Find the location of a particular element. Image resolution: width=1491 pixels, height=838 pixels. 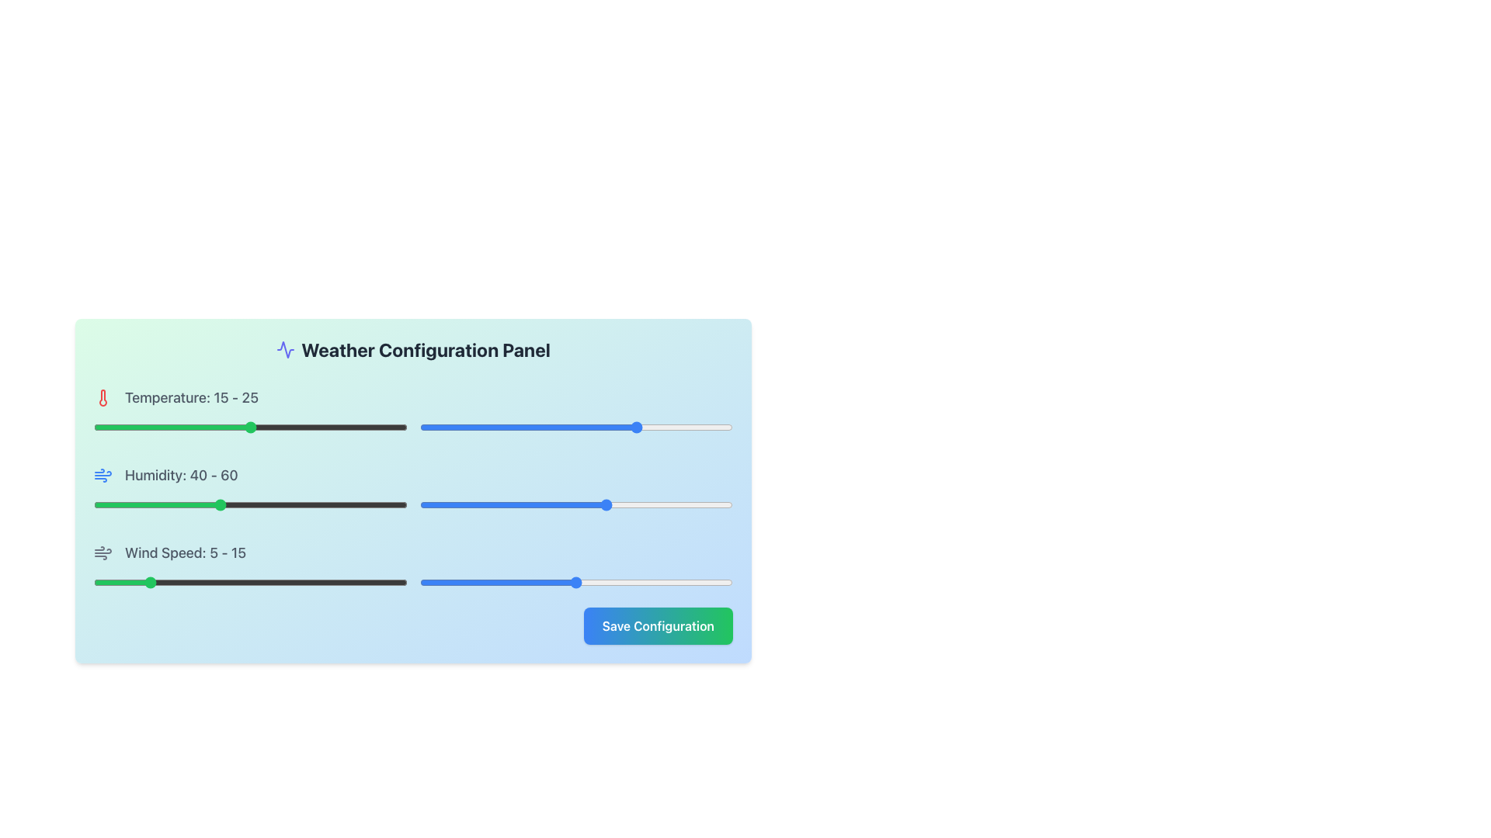

the start value of the wind speed range is located at coordinates (282, 583).